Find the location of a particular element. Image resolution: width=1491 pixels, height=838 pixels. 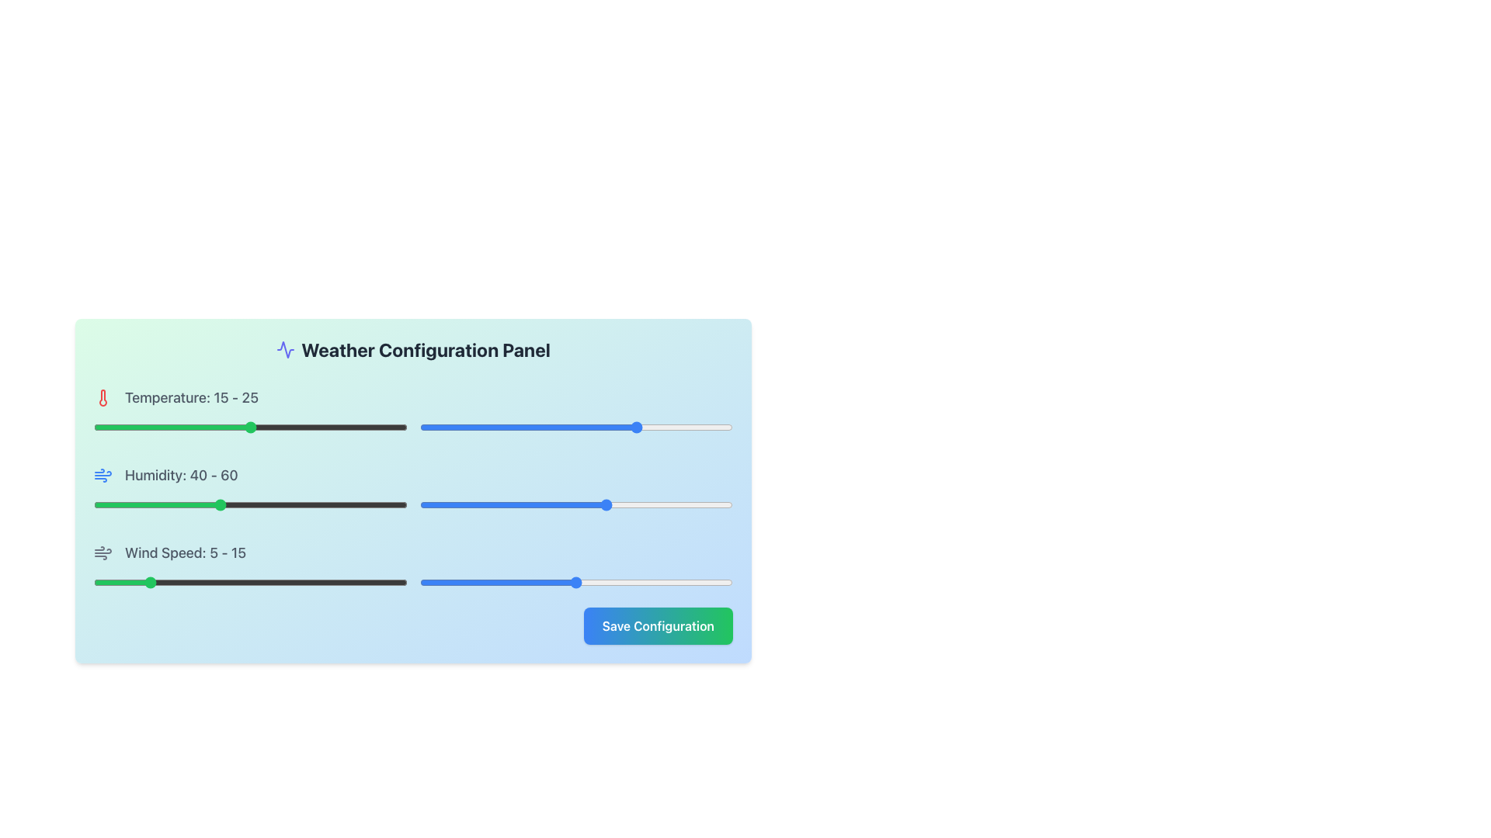

the start value of the wind speed range is located at coordinates (282, 583).